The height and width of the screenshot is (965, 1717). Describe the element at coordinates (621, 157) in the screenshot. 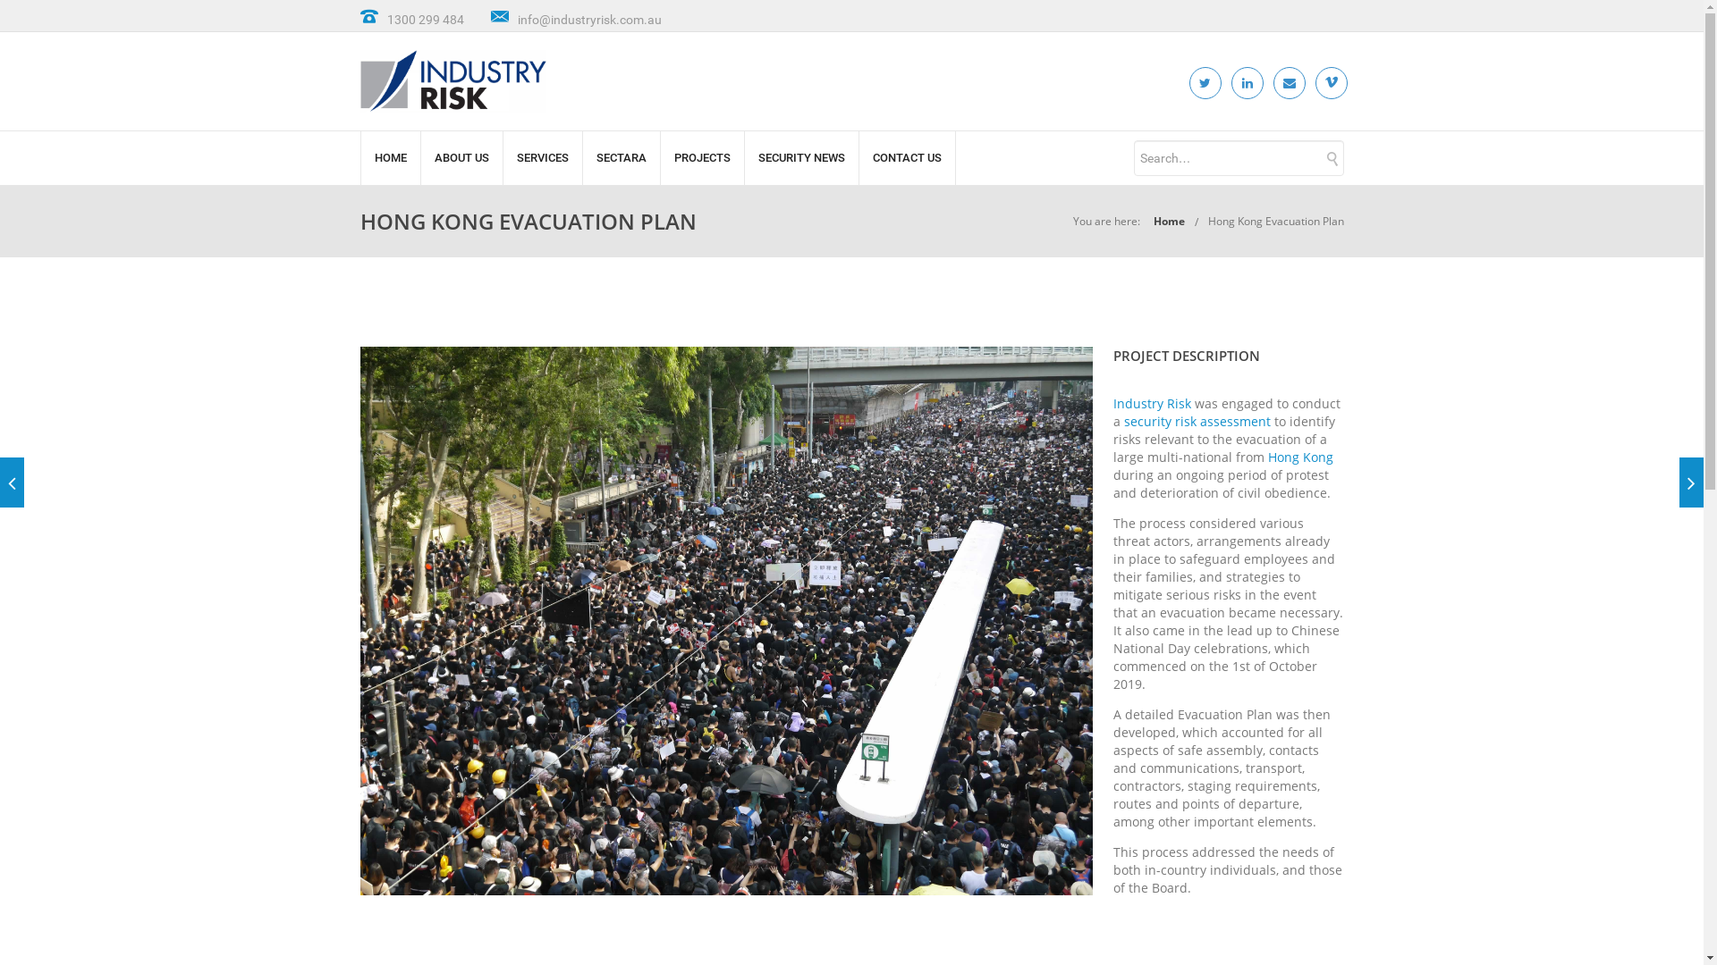

I see `'SECTARA'` at that location.